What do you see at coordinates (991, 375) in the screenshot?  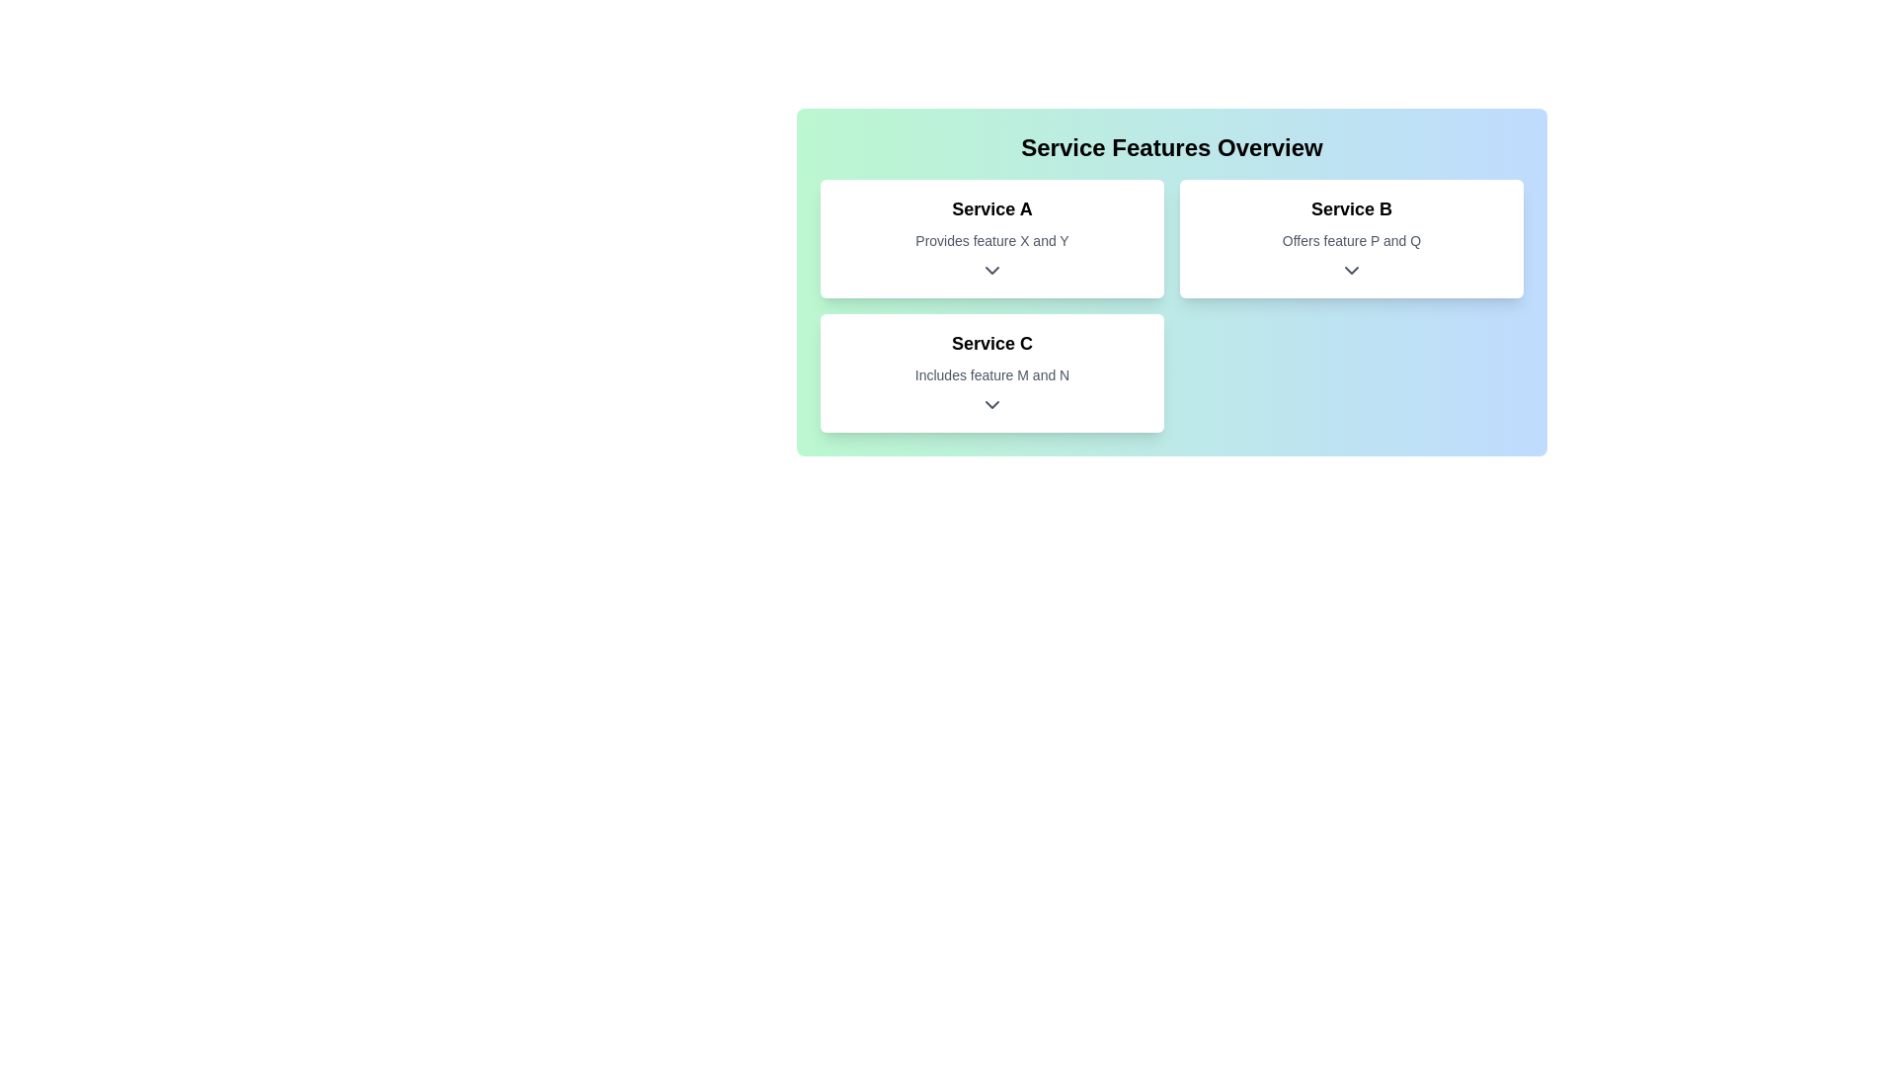 I see `the static text that says 'Includes feature M and N', which is styled in light gray and positioned below the title 'Service C' in the second card of the services grid` at bounding box center [991, 375].